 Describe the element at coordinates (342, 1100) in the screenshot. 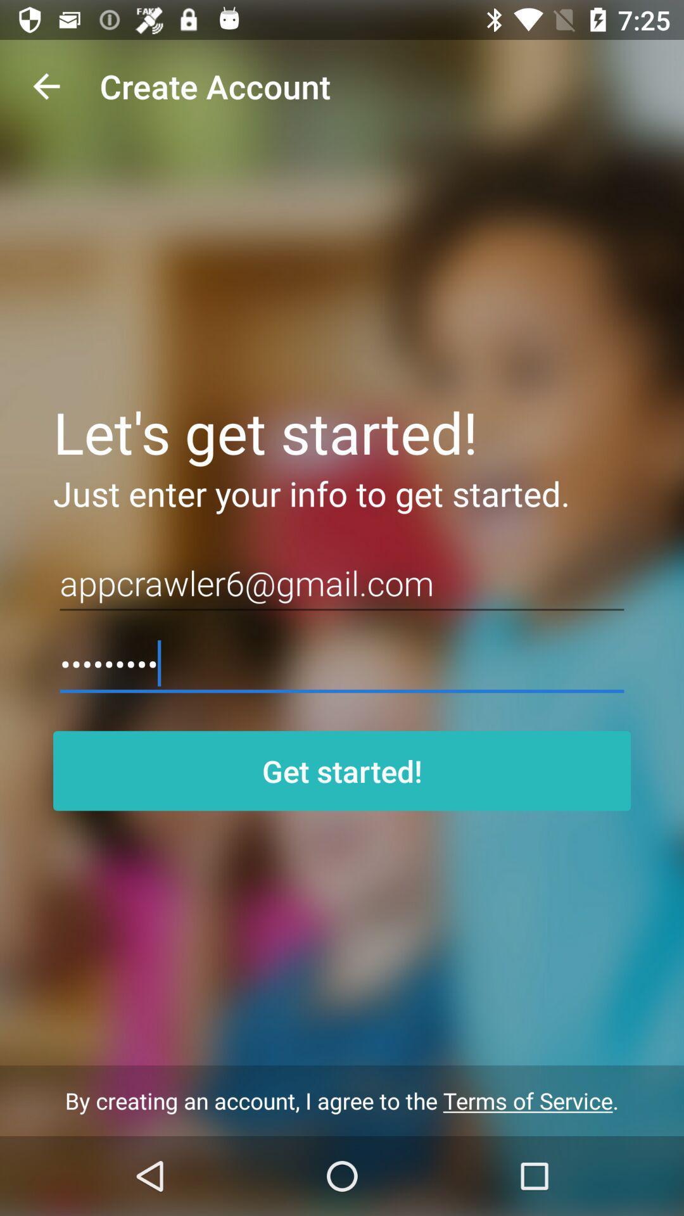

I see `by creating an at the bottom` at that location.